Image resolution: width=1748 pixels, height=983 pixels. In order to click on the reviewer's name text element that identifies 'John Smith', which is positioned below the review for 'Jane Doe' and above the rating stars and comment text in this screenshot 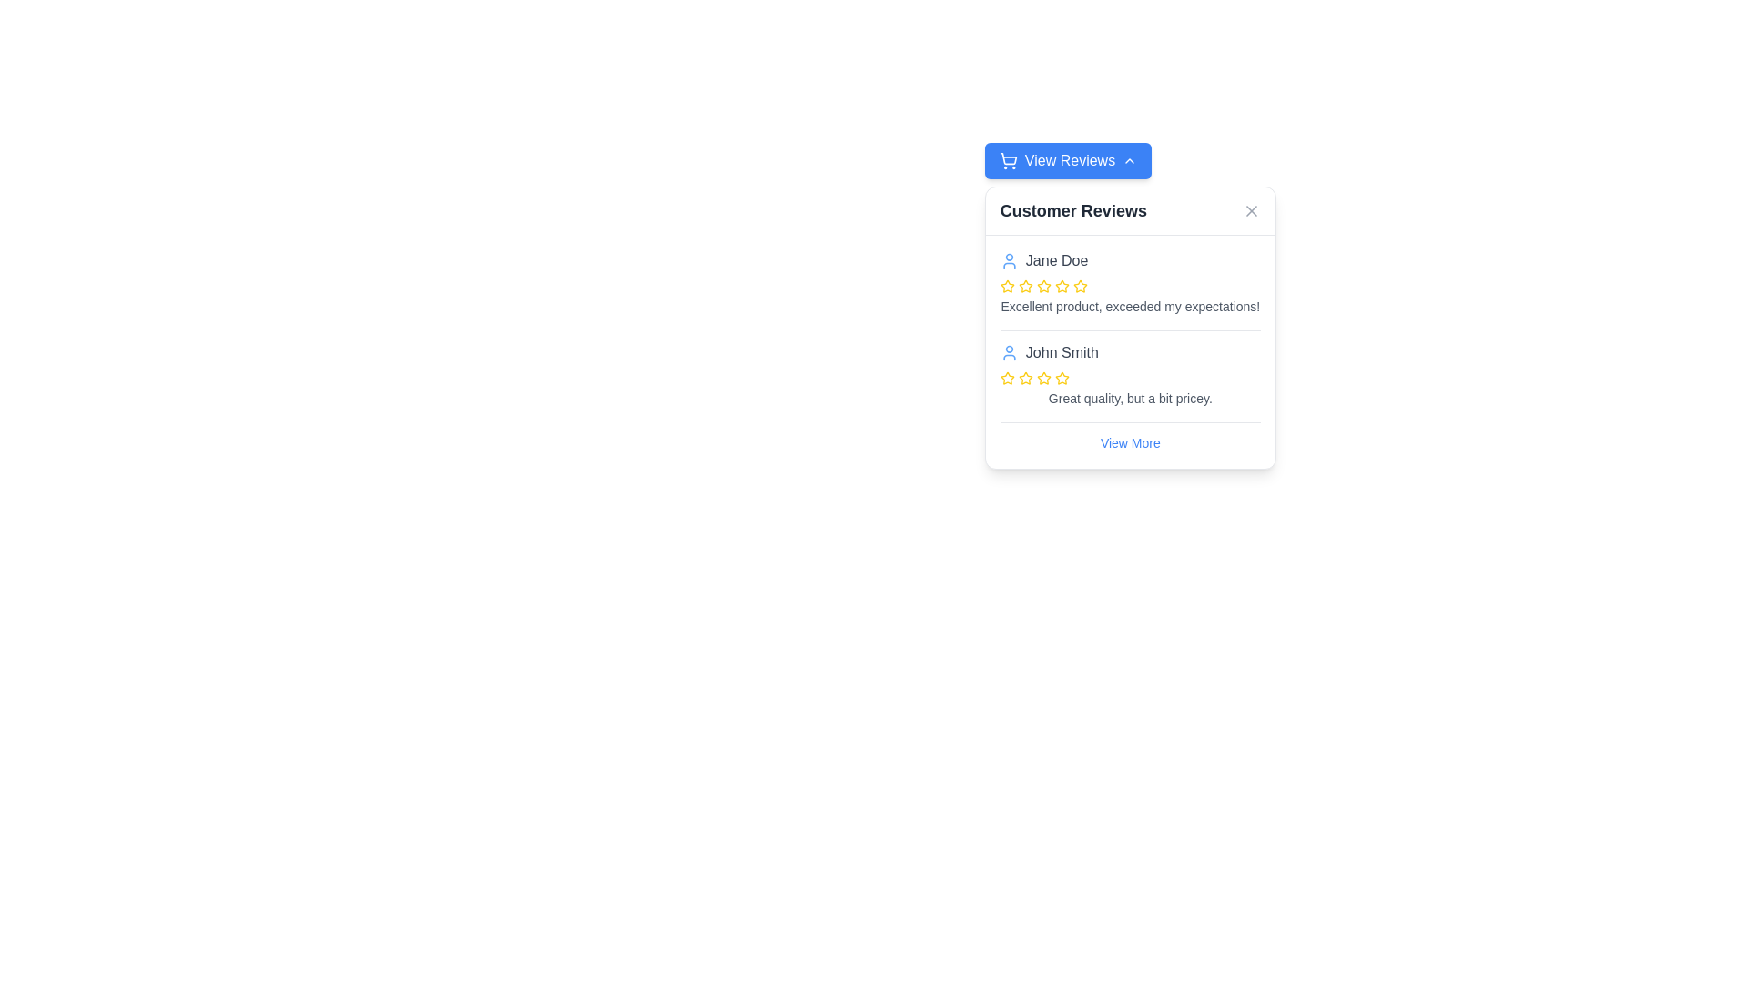, I will do `click(1062, 353)`.